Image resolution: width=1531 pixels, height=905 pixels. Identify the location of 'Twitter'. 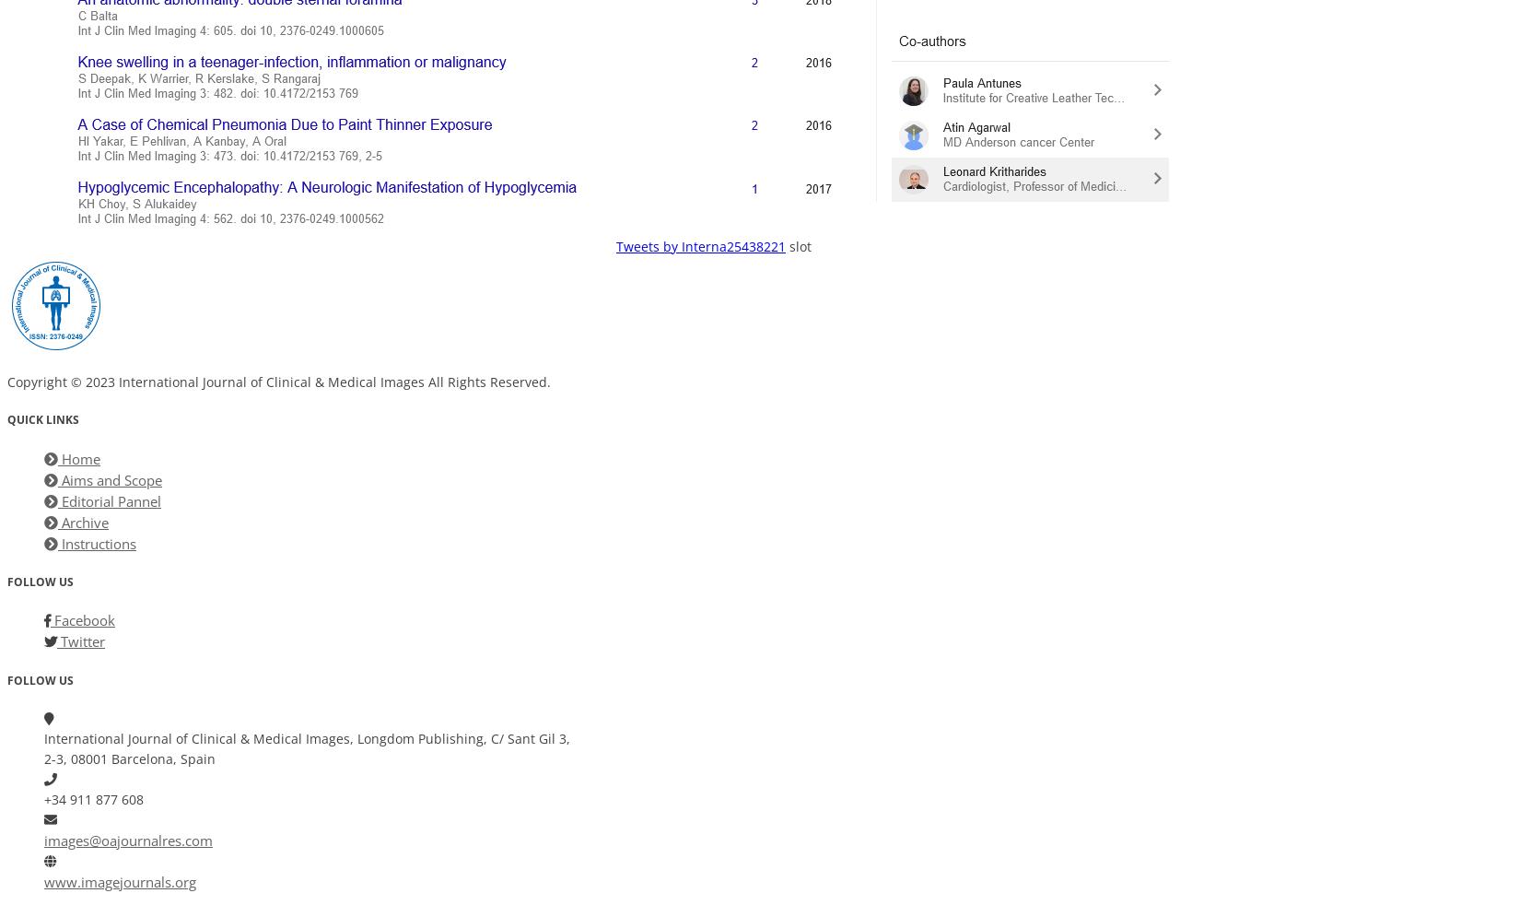
(55, 641).